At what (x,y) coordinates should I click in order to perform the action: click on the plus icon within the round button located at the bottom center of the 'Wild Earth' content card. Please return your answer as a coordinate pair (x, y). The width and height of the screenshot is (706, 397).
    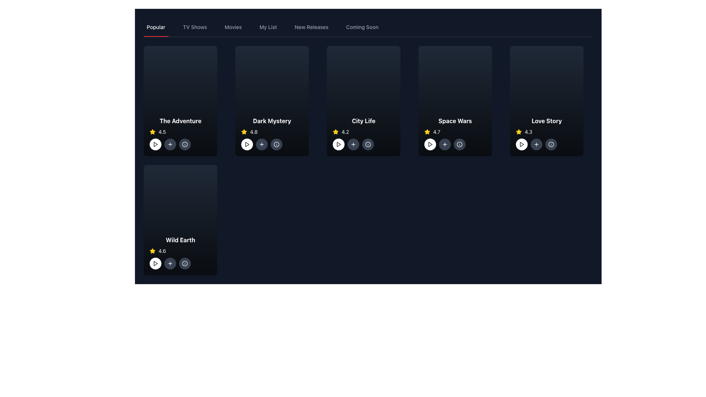
    Looking at the image, I should click on (170, 263).